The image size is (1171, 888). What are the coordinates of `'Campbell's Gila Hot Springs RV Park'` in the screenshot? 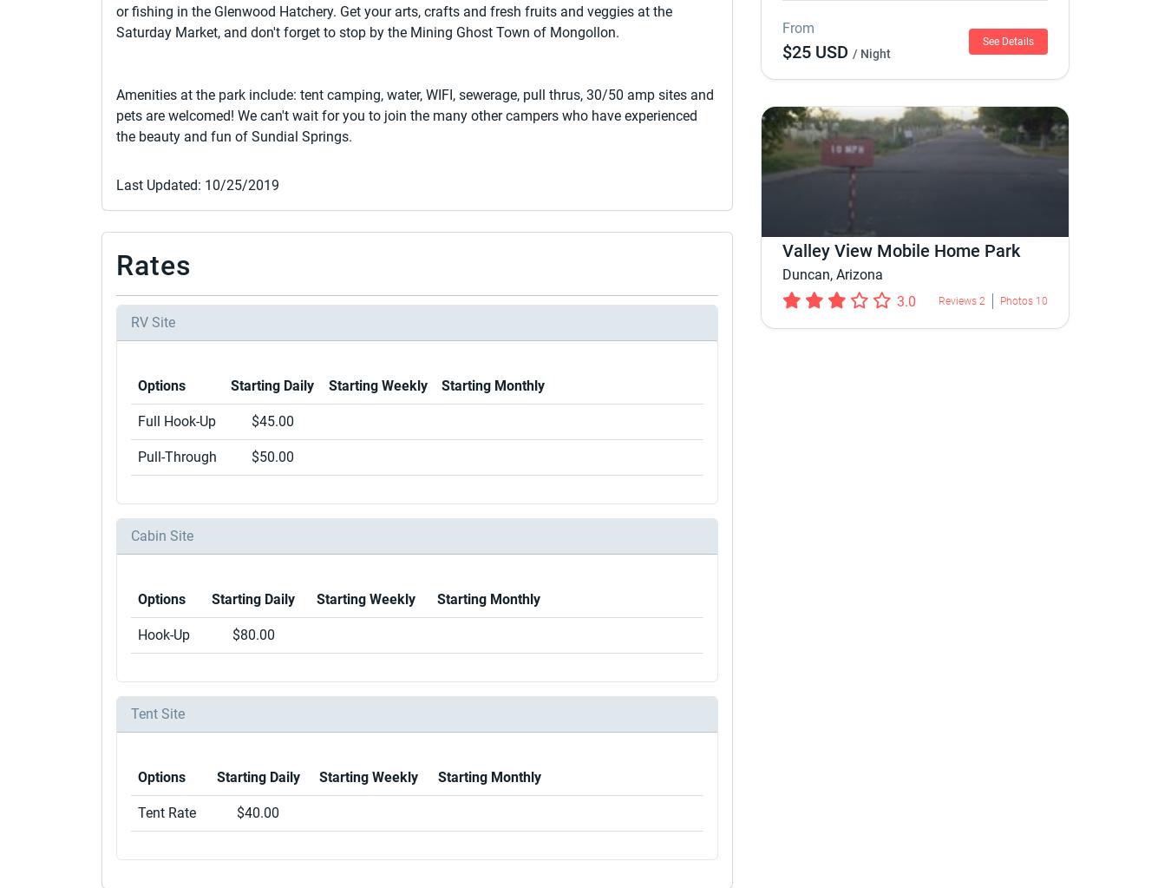 It's located at (568, 219).